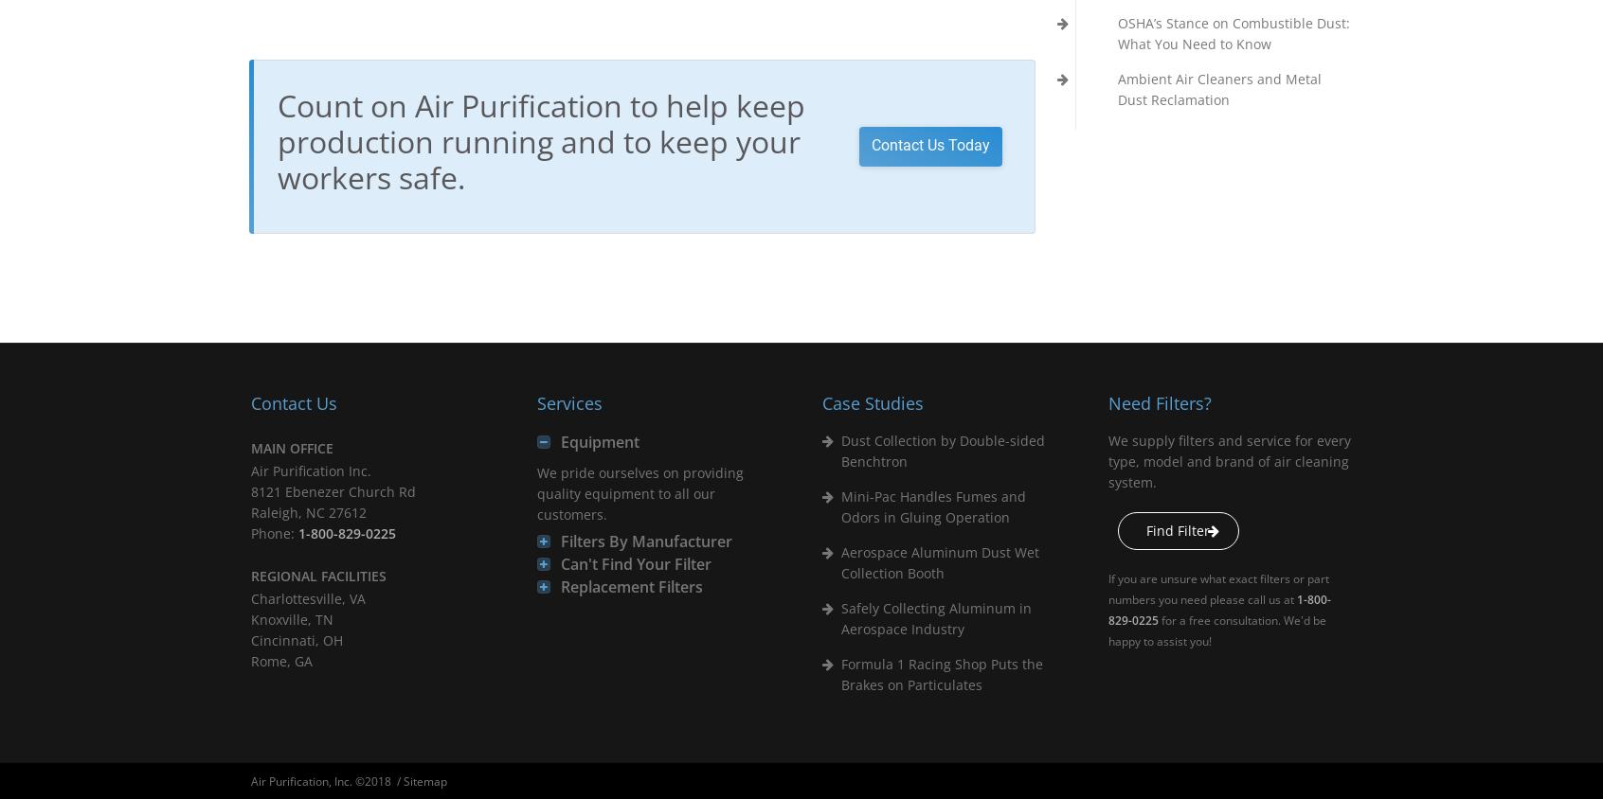  What do you see at coordinates (839, 673) in the screenshot?
I see `'Formula 1 Racing Shop Puts the Brakes on Particulates'` at bounding box center [839, 673].